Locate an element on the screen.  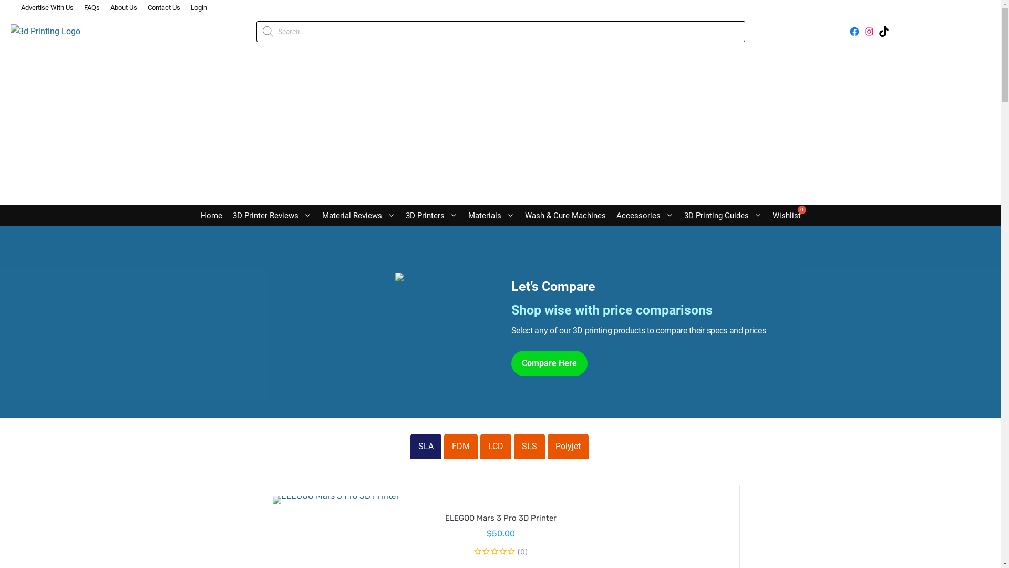
'Wash & Cure Machines' is located at coordinates (519, 215).